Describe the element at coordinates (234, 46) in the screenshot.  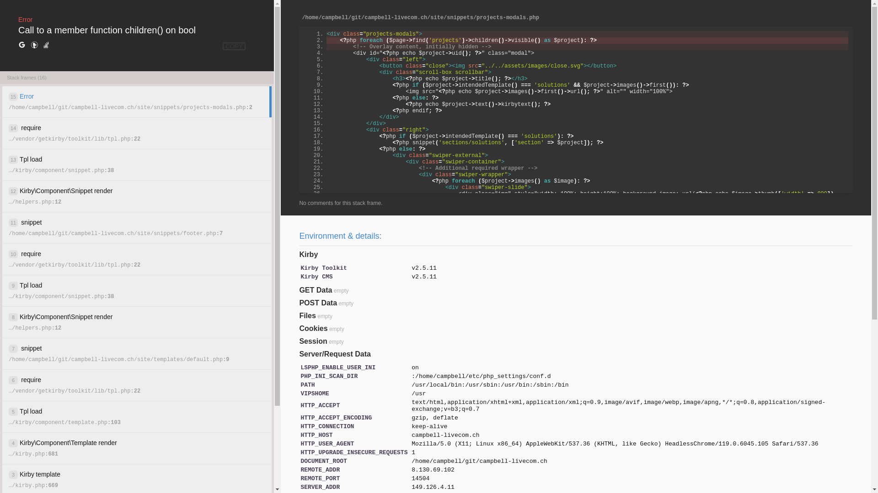
I see `'COPY'` at that location.